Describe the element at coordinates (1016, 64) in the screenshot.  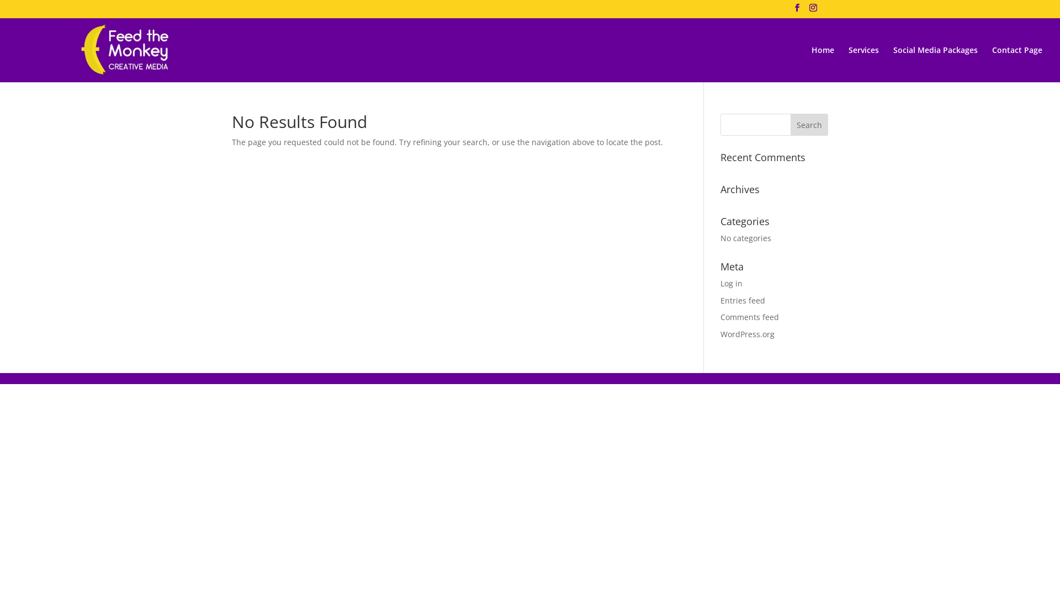
I see `'Contact Page'` at that location.